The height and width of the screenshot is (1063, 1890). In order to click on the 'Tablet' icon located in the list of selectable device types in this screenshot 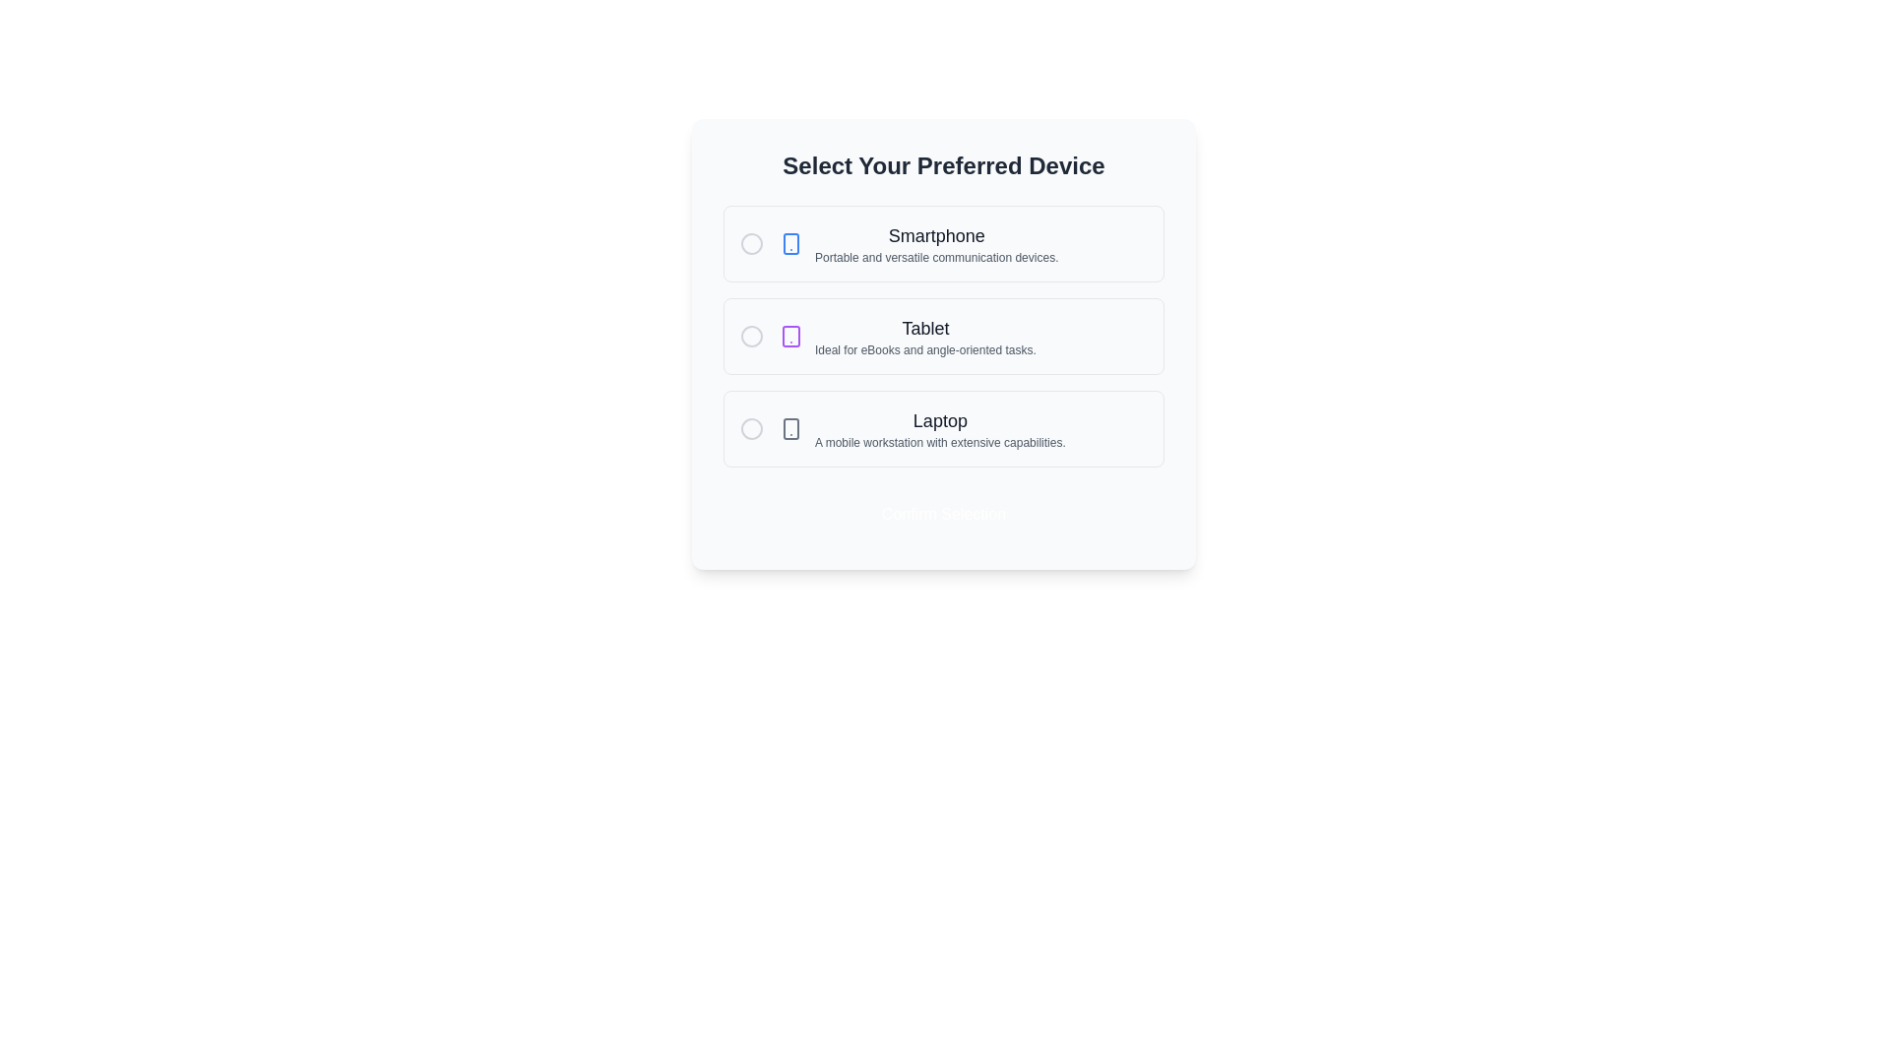, I will do `click(791, 336)`.